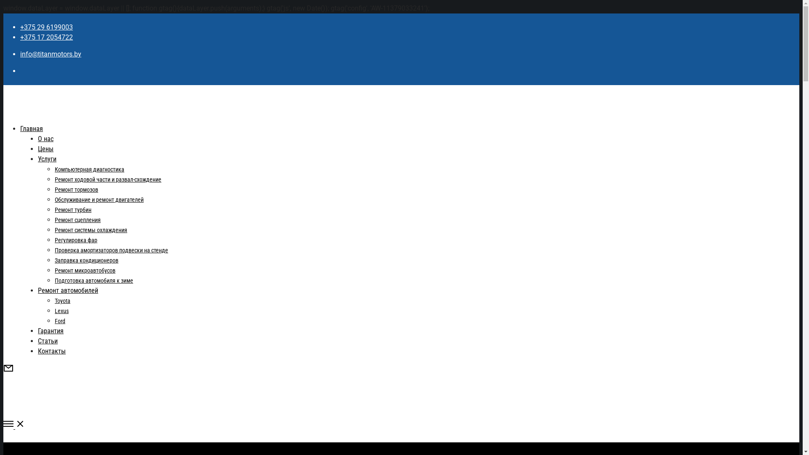 This screenshot has width=809, height=455. What do you see at coordinates (8, 370) in the screenshot?
I see `'Toggle form modal'` at bounding box center [8, 370].